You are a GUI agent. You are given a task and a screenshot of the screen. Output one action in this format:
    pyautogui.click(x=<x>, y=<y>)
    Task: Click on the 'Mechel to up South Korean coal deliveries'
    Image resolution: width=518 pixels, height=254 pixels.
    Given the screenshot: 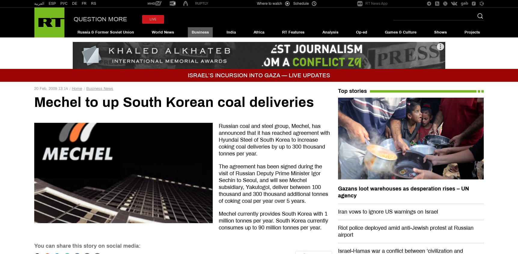 What is the action you would take?
    pyautogui.click(x=174, y=102)
    